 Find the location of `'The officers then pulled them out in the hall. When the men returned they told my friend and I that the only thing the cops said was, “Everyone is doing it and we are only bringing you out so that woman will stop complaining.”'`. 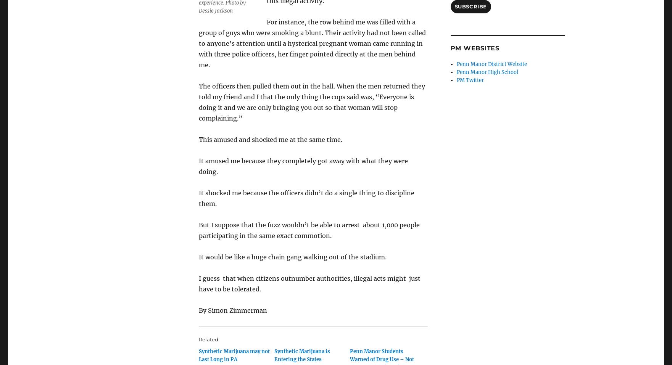

'The officers then pulled them out in the hall. When the men returned they told my friend and I that the only thing the cops said was, “Everyone is doing it and we are only bringing you out so that woman will stop complaining.”' is located at coordinates (311, 101).